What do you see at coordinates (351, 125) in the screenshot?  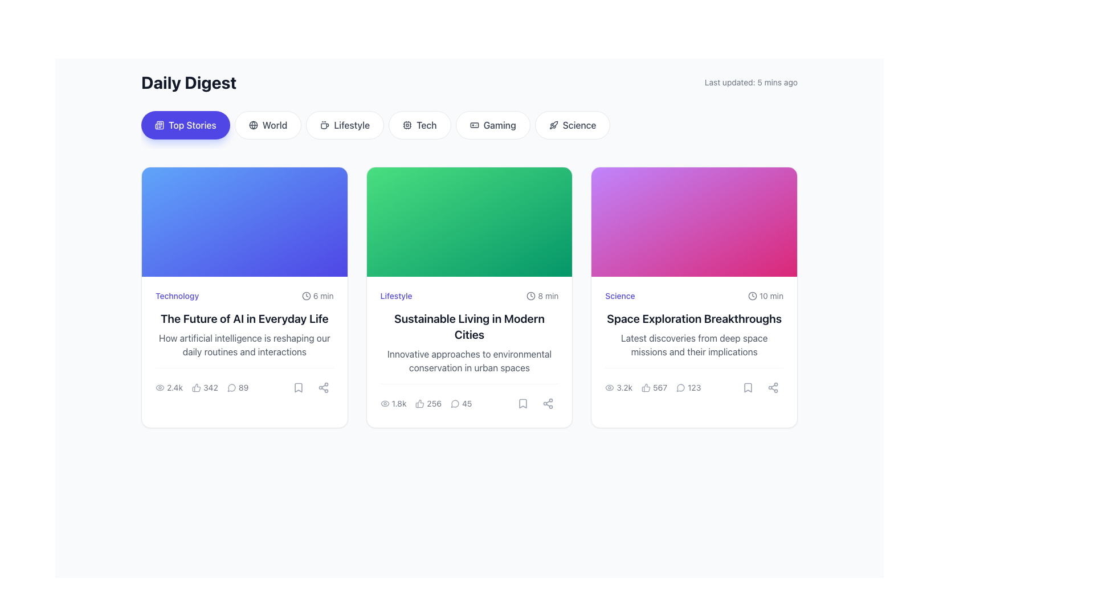 I see `the 'Lifestyle' text label within the interactive button for filtering content by the 'Lifestyle' category` at bounding box center [351, 125].